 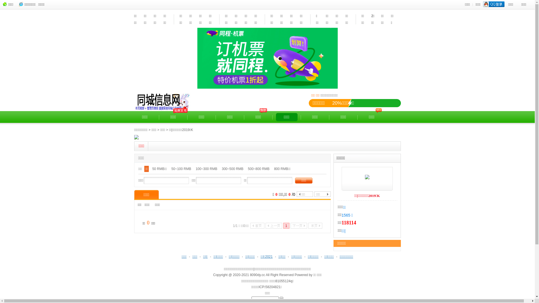 I want to click on '50~100 RMB', so click(x=181, y=168).